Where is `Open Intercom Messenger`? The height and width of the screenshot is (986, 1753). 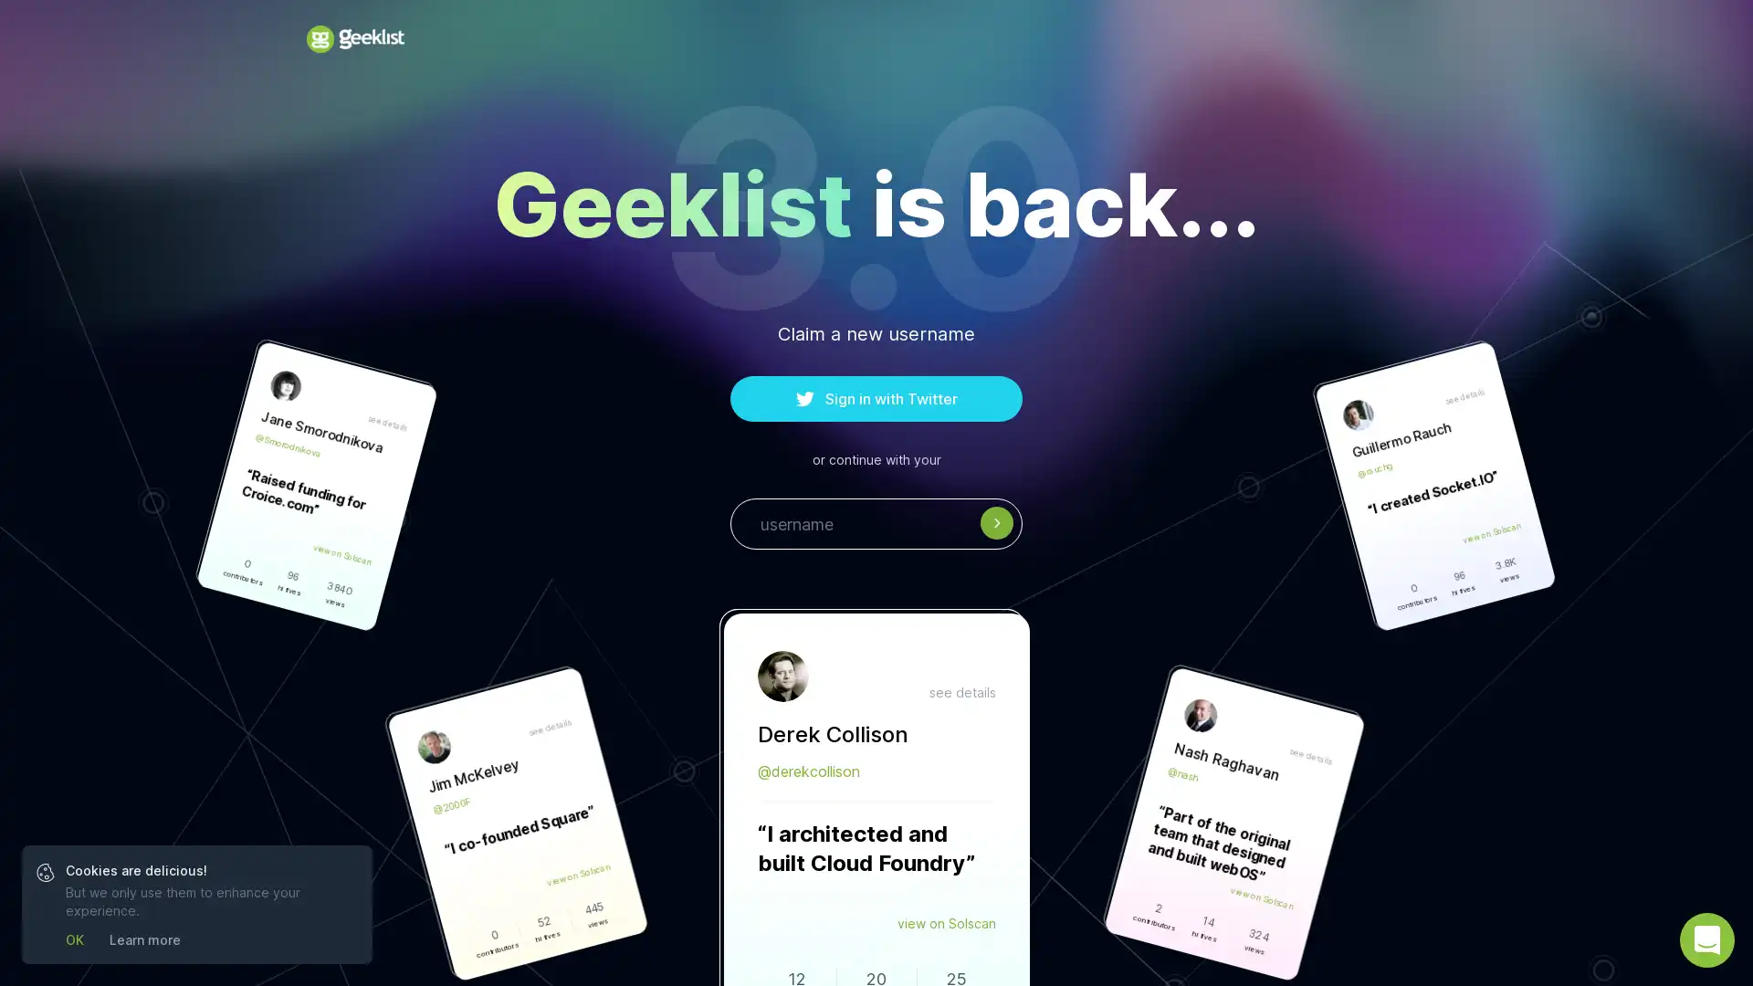
Open Intercom Messenger is located at coordinates (1706, 939).